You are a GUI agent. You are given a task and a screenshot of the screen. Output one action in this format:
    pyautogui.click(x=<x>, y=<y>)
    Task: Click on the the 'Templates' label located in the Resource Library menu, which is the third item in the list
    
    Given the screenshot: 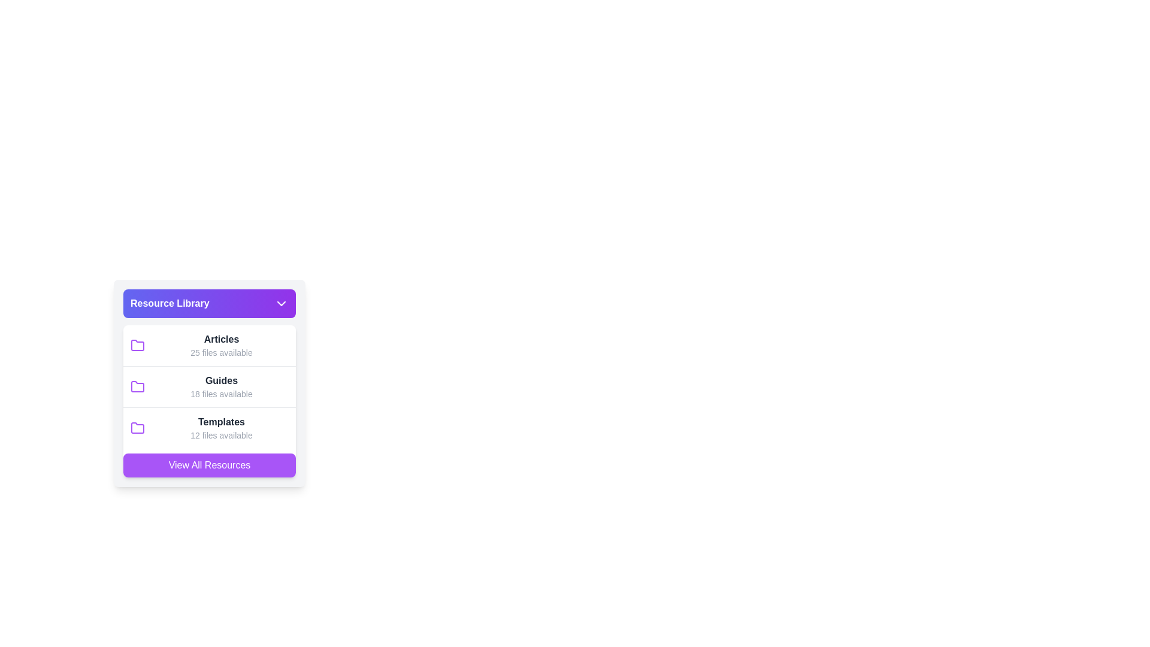 What is the action you would take?
    pyautogui.click(x=221, y=422)
    